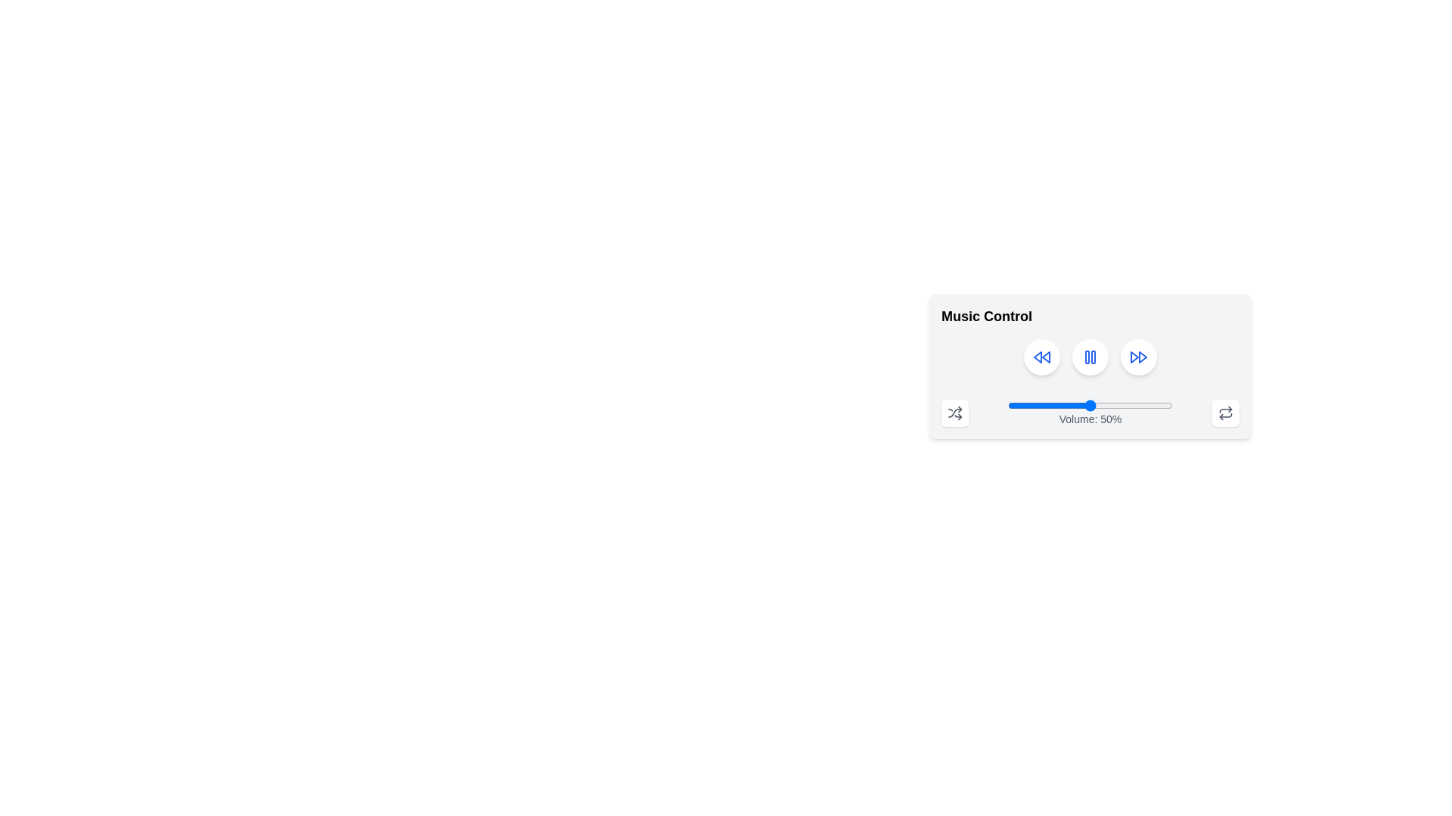 The height and width of the screenshot is (816, 1452). Describe the element at coordinates (1041, 357) in the screenshot. I see `the rewind button in the music player interface` at that location.